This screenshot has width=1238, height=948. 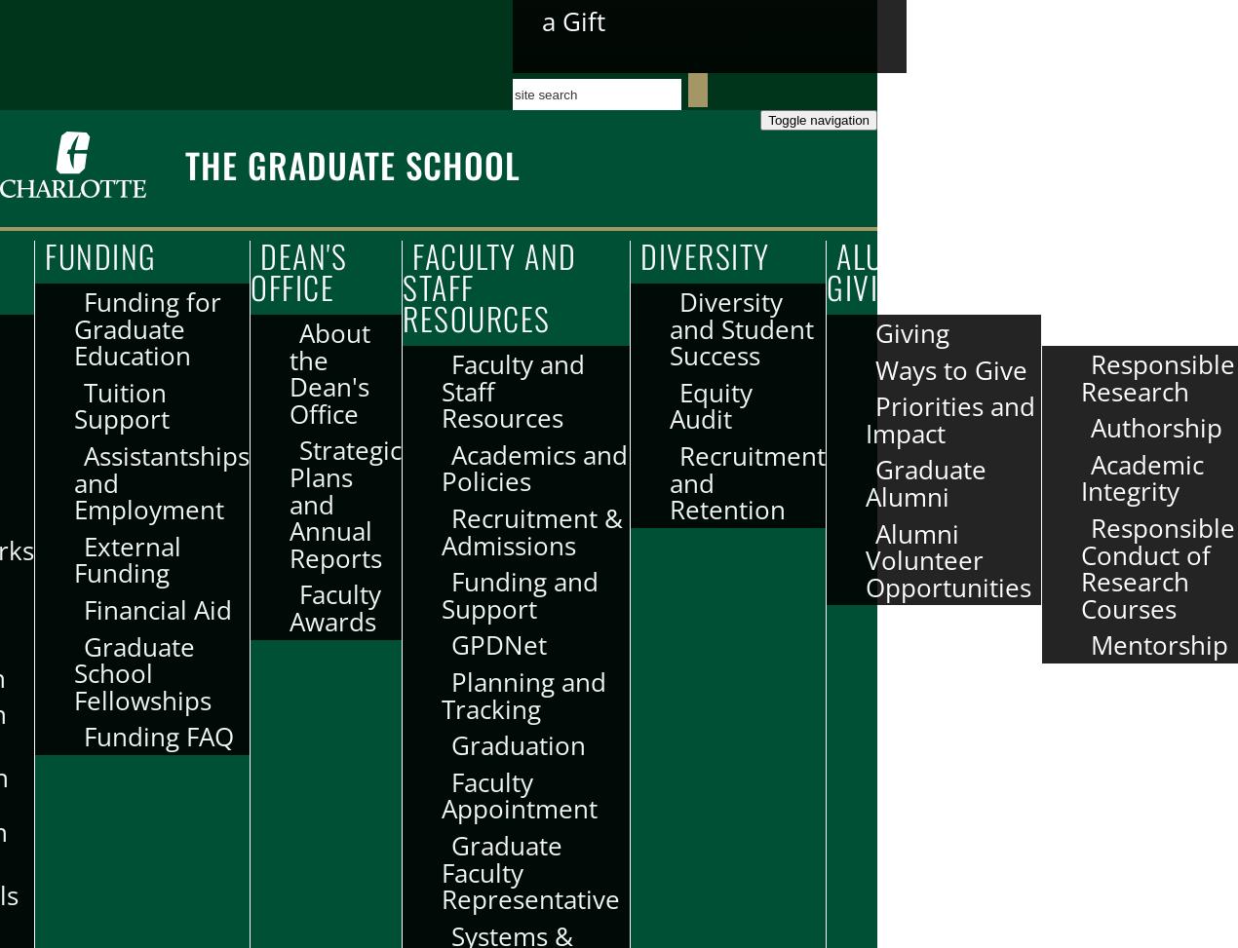 I want to click on 'Alumni and Giving', so click(x=826, y=271).